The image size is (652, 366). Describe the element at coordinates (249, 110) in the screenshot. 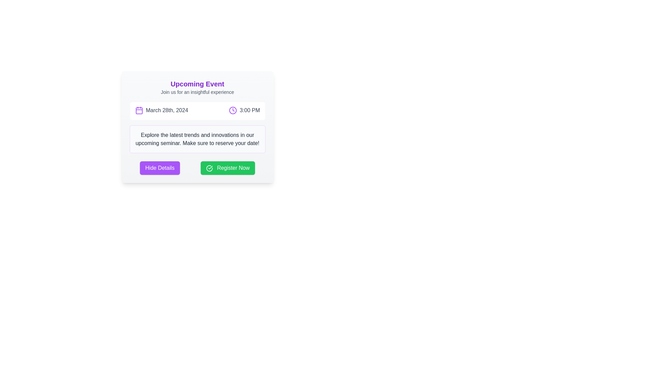

I see `the text label displaying the time '3:00 PM', which is styled in gray sans-serif font and located to the right of a purple clock icon` at that location.